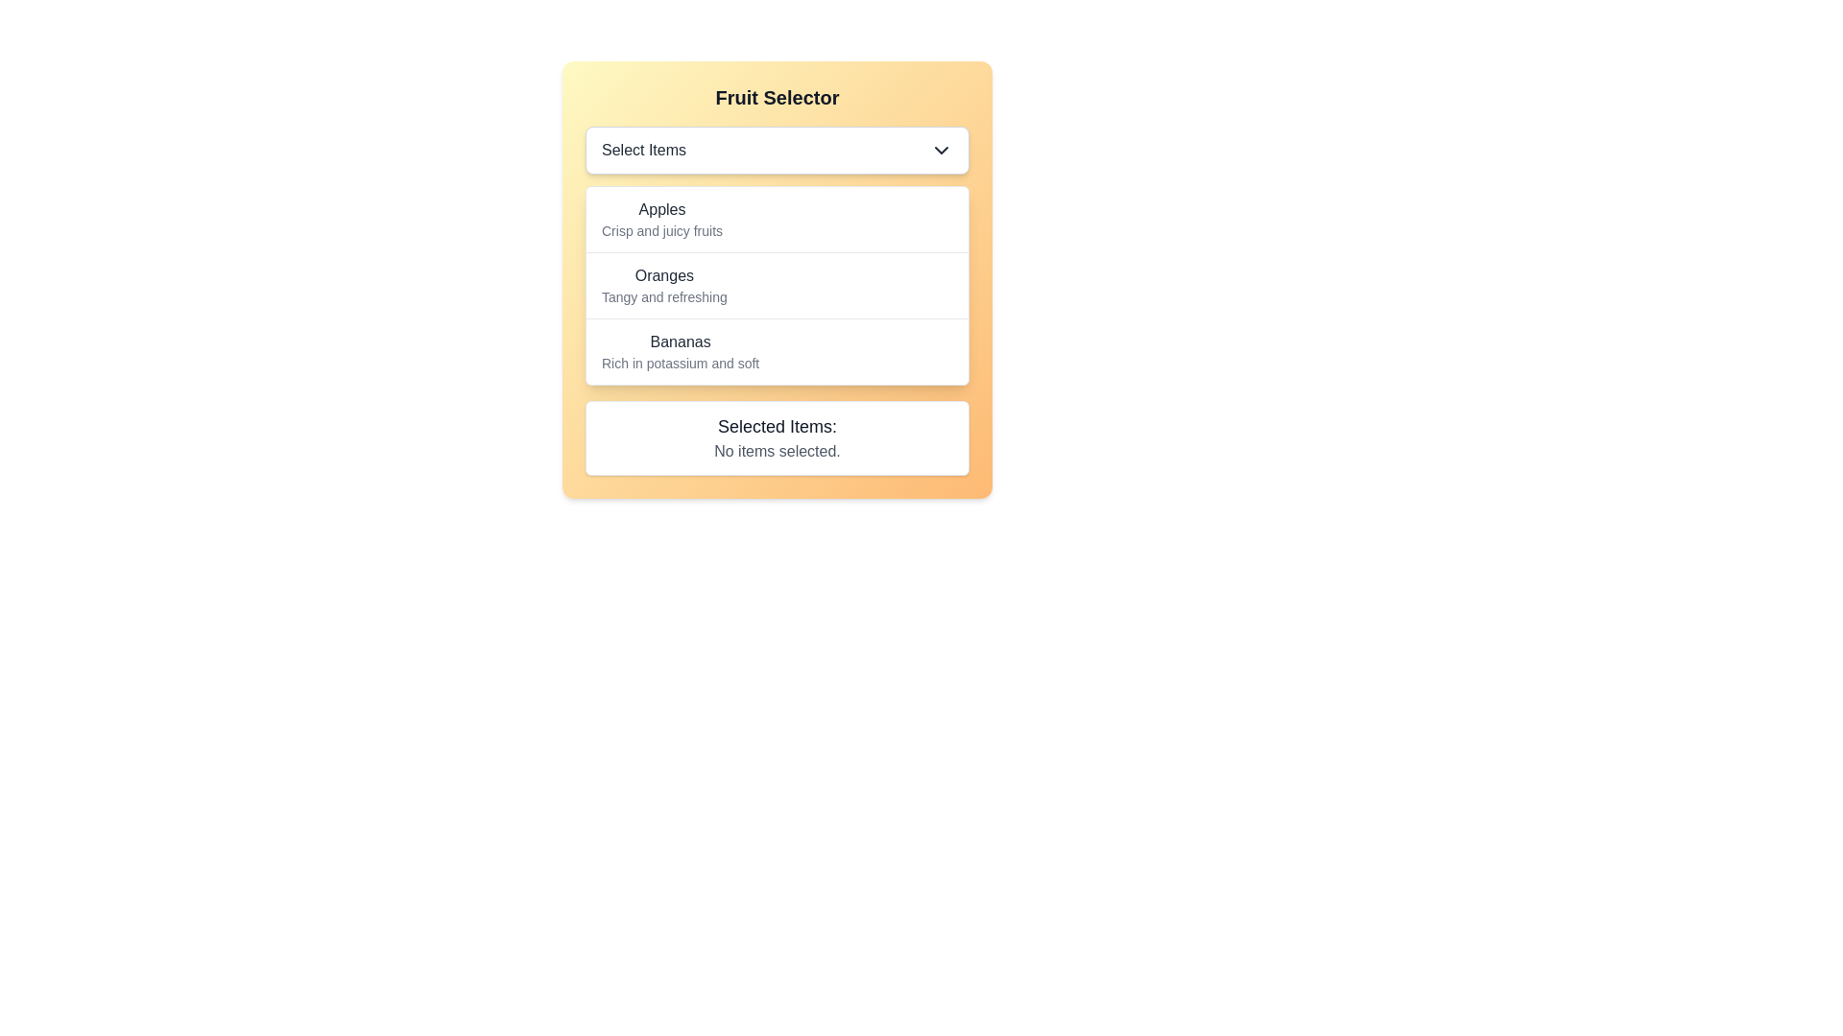 The height and width of the screenshot is (1036, 1843). I want to click on the item in the vertically arranged list containing 'Apples', 'Oranges', and 'Bananas', so click(778, 285).